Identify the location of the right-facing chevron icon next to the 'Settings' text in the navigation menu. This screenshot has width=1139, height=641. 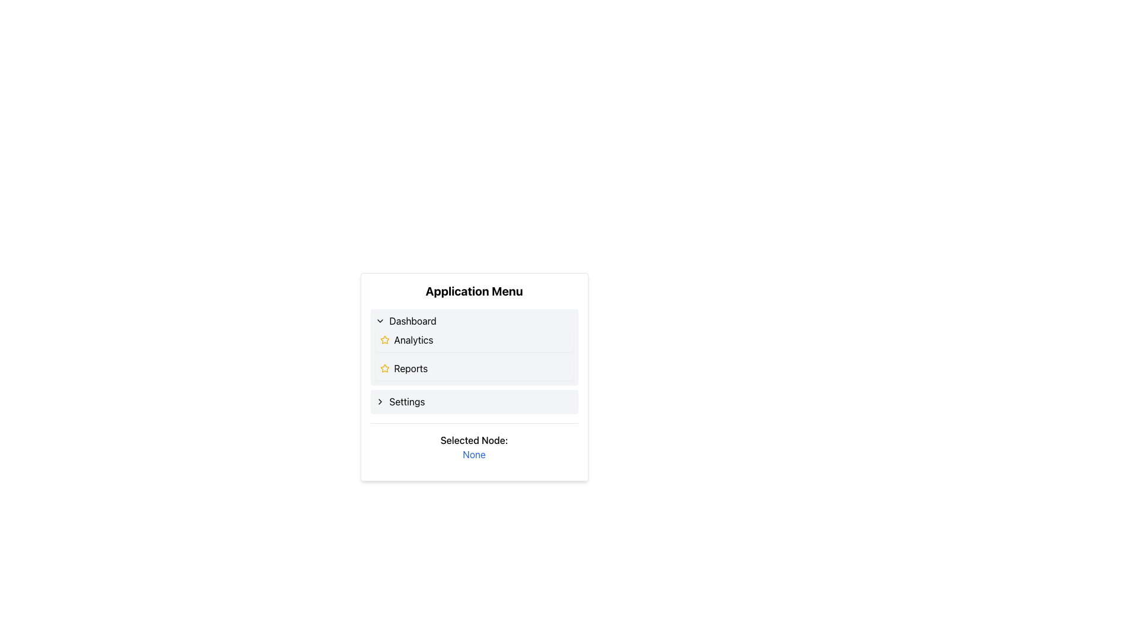
(380, 401).